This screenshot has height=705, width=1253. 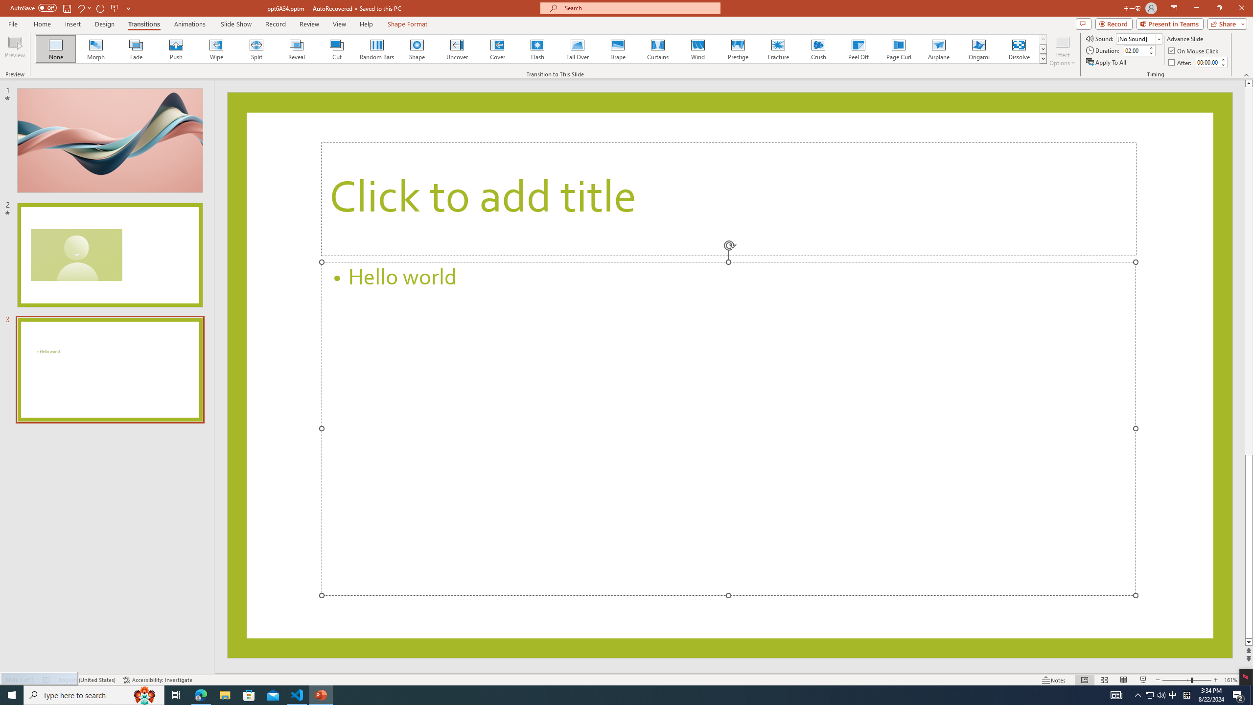 I want to click on 'Shape', so click(x=417, y=48).